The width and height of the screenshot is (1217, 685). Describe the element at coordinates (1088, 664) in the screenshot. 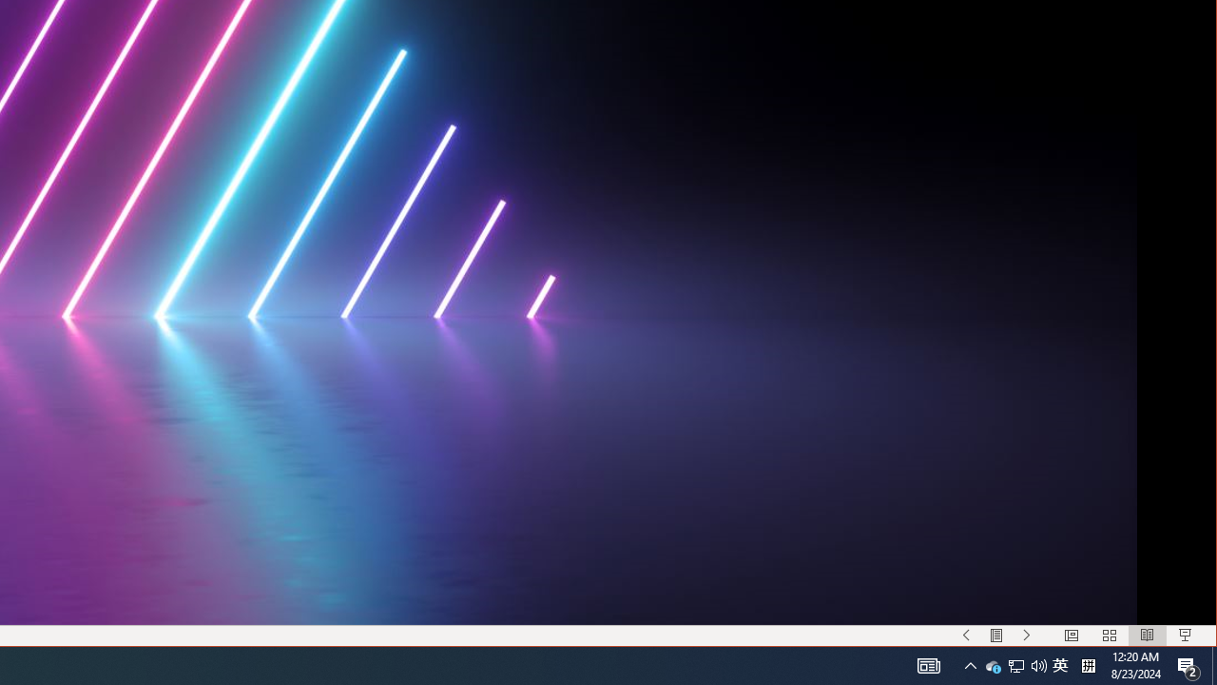

I see `'Tray Input Indicator - Chinese (Simplified, China)'` at that location.